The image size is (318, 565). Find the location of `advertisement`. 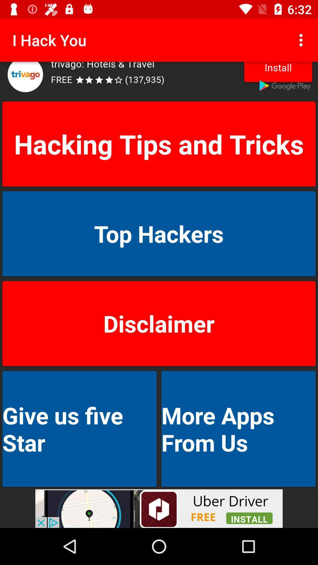

advertisement is located at coordinates (159, 508).